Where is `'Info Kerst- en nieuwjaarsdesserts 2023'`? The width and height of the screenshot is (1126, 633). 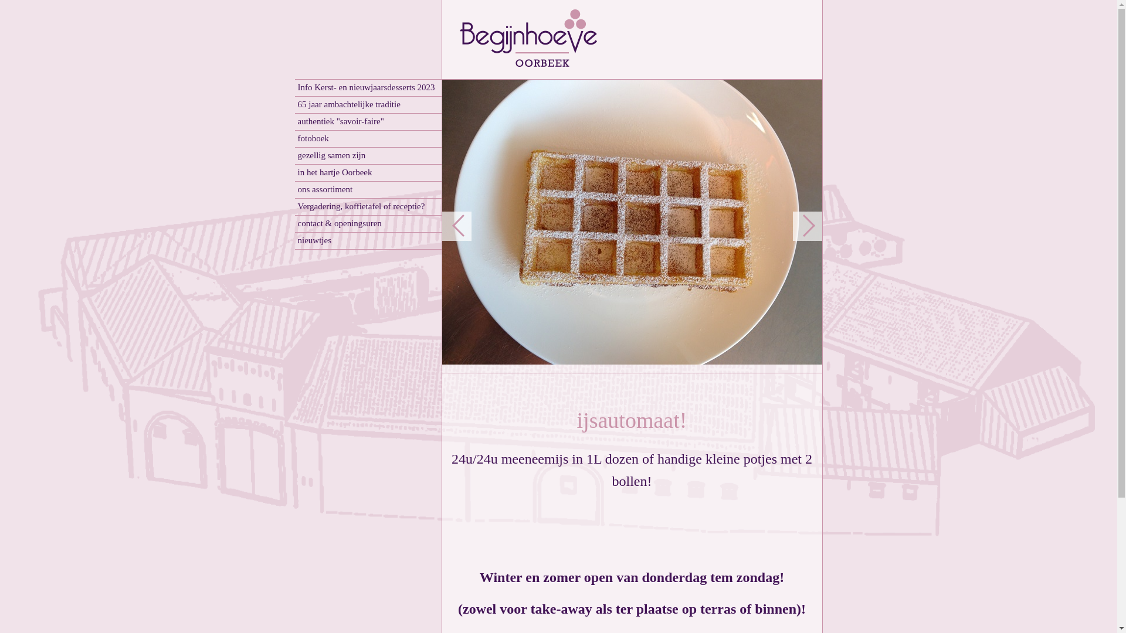 'Info Kerst- en nieuwjaarsdesserts 2023' is located at coordinates (367, 87).